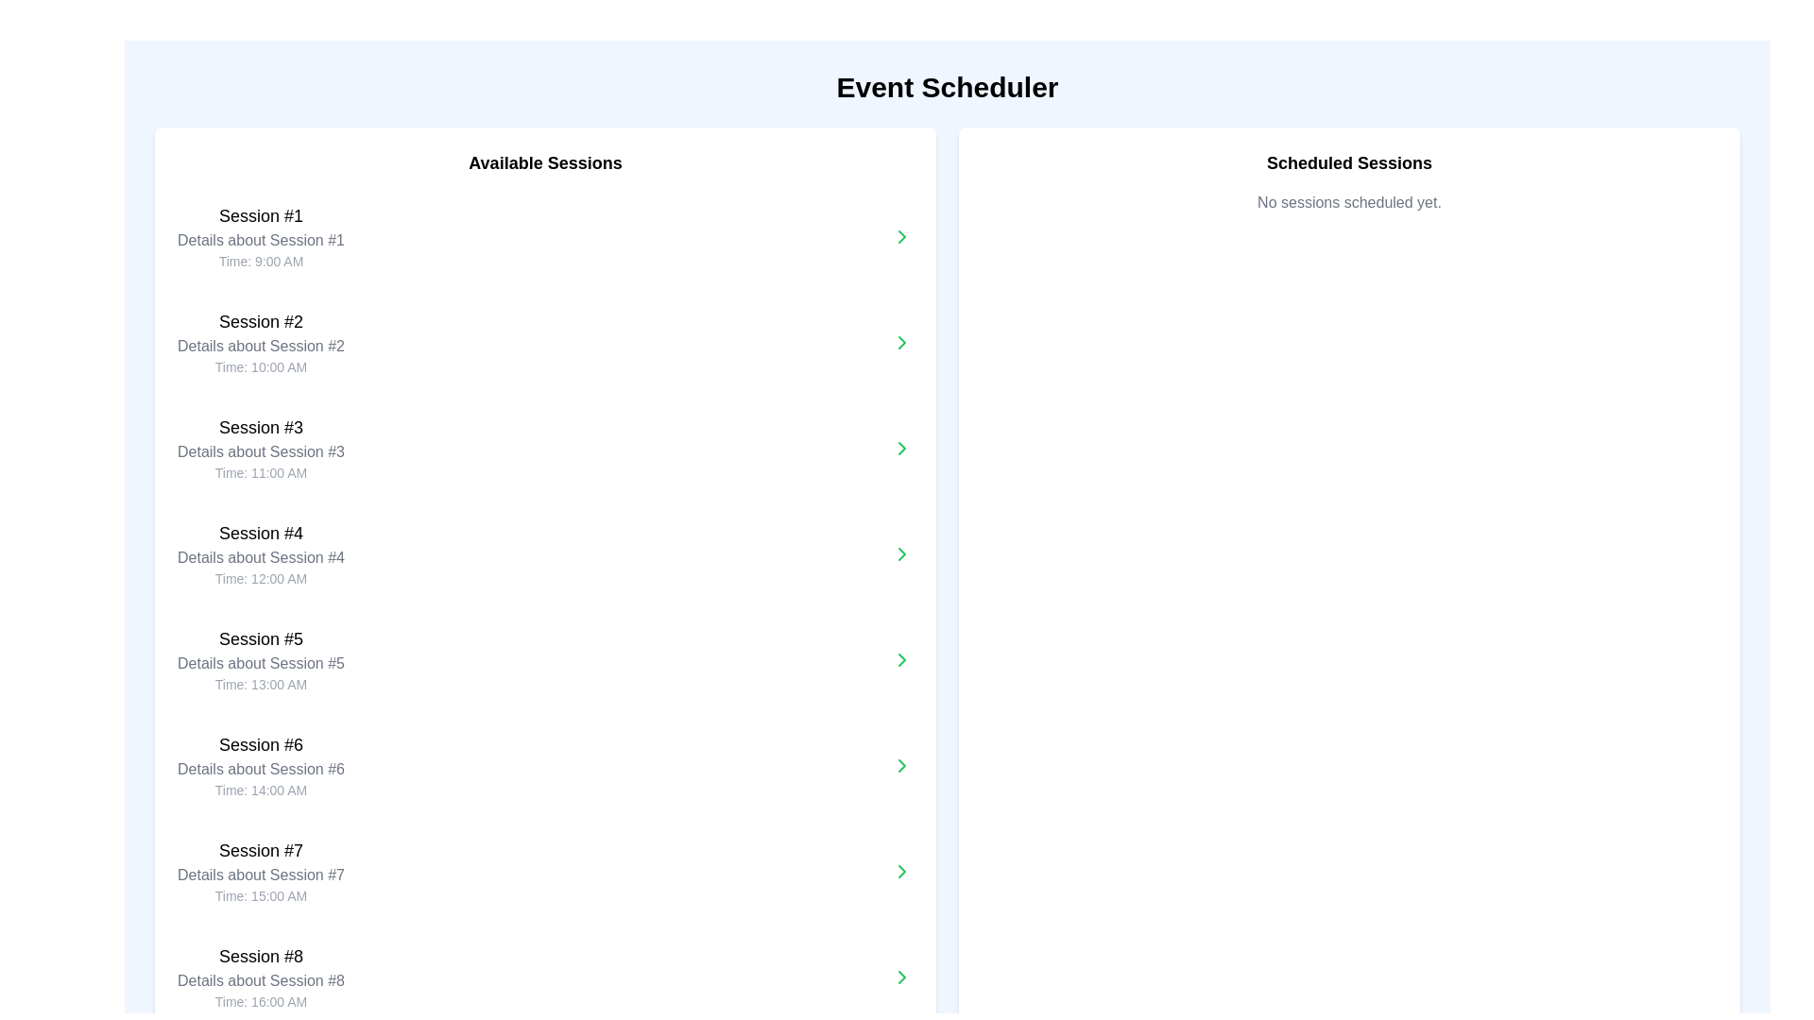 Image resolution: width=1814 pixels, height=1020 pixels. I want to click on the right-facing chevron arrow icon located to the far right of the session details in the 'Available Sessions' list under 'Session #6', so click(901, 765).